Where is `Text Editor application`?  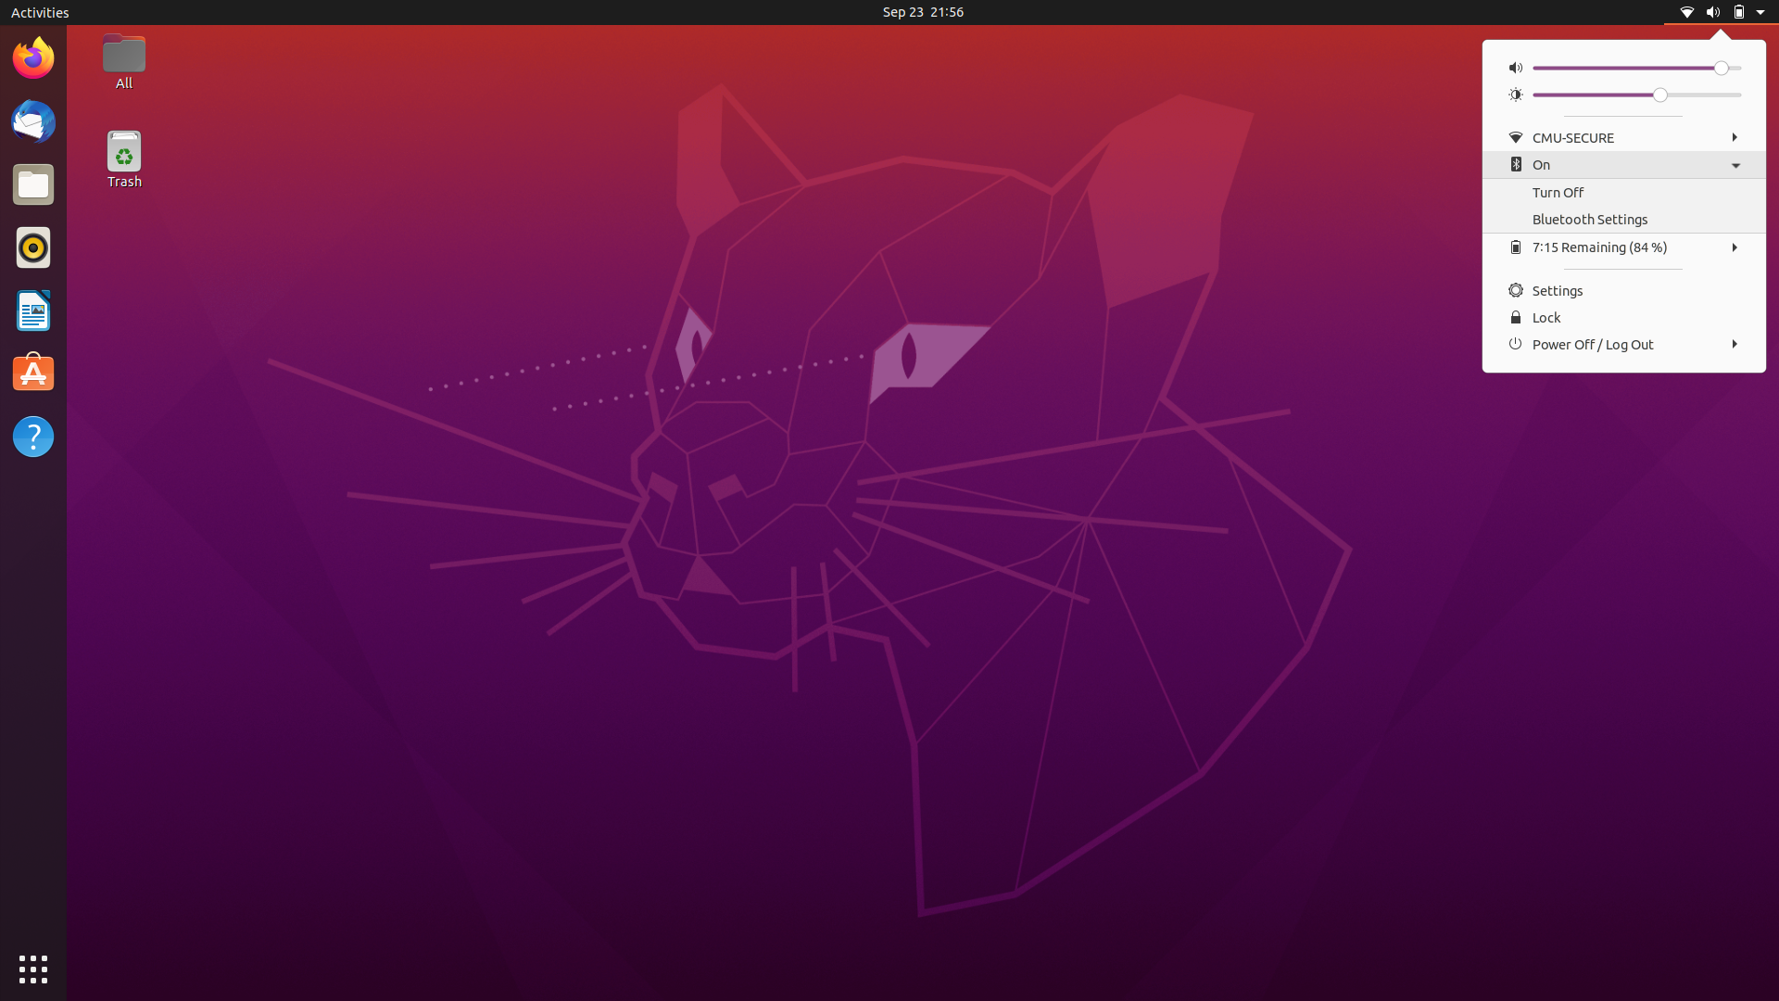 Text Editor application is located at coordinates (32, 374).